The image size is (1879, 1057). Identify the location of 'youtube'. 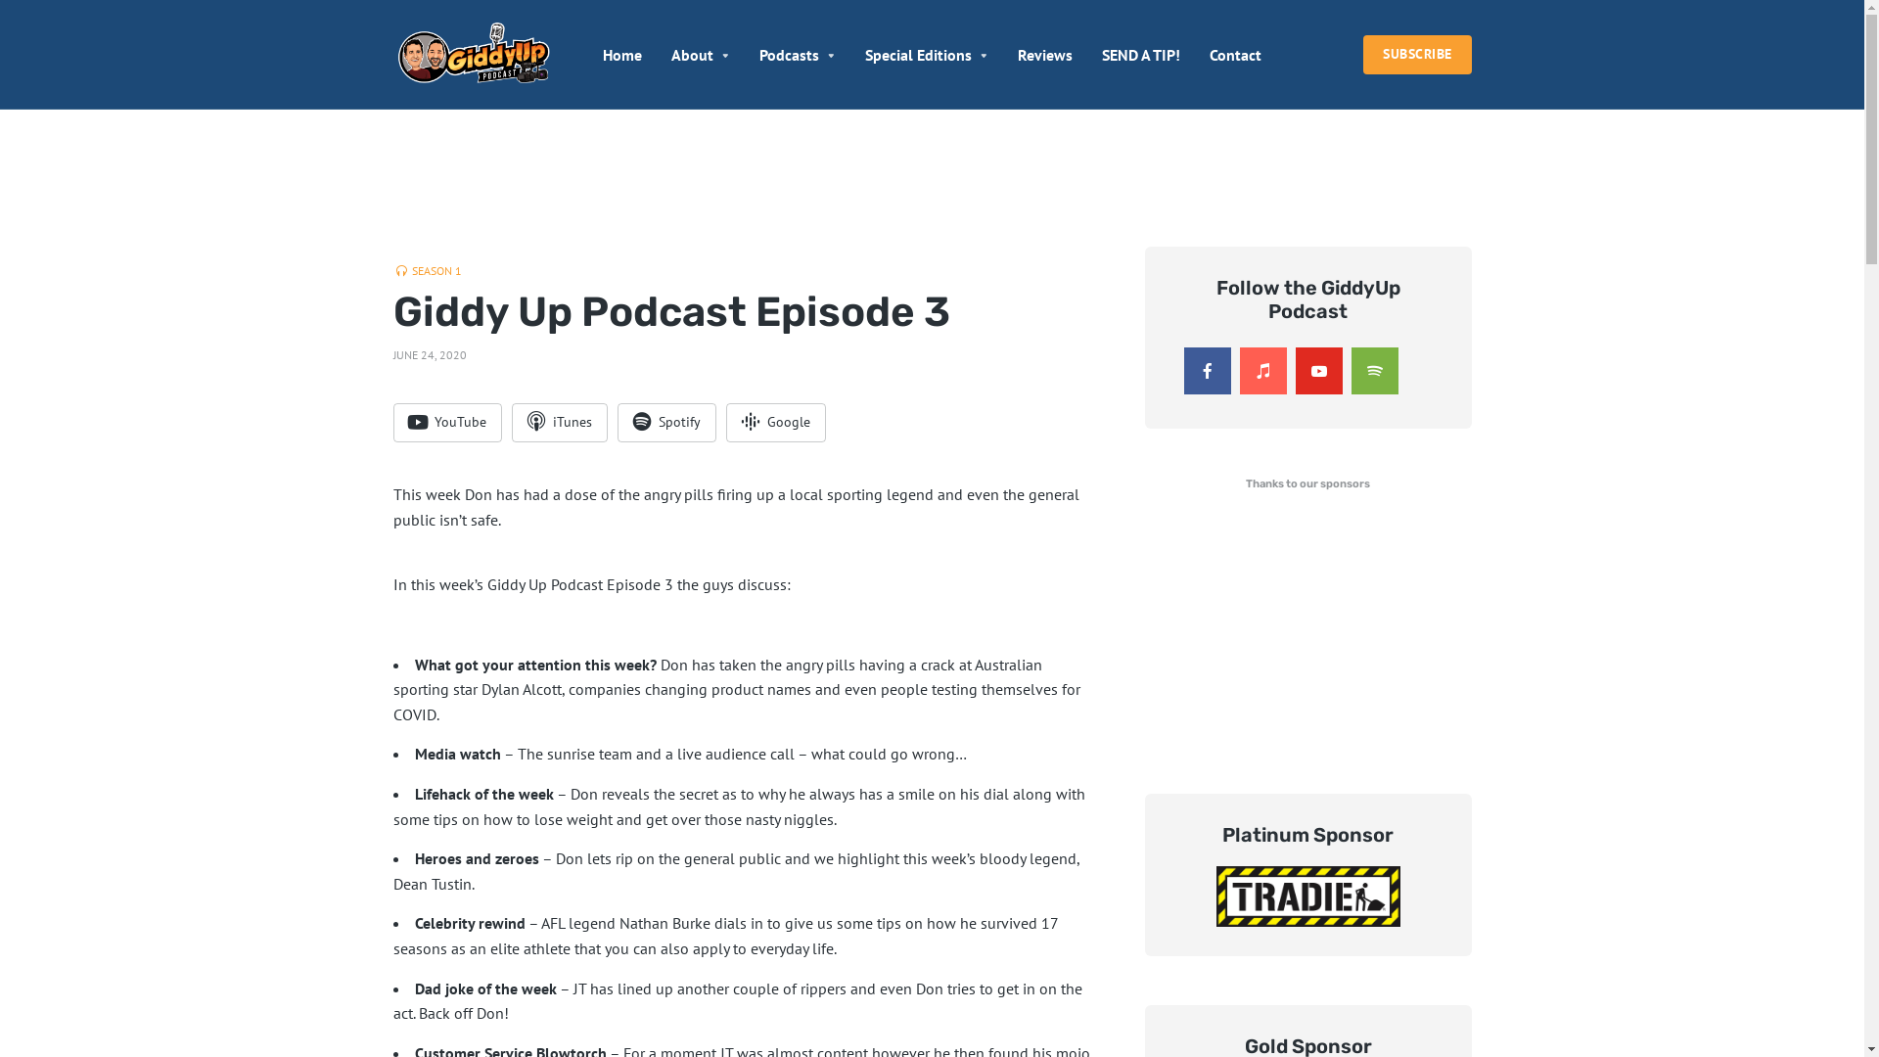
(1319, 370).